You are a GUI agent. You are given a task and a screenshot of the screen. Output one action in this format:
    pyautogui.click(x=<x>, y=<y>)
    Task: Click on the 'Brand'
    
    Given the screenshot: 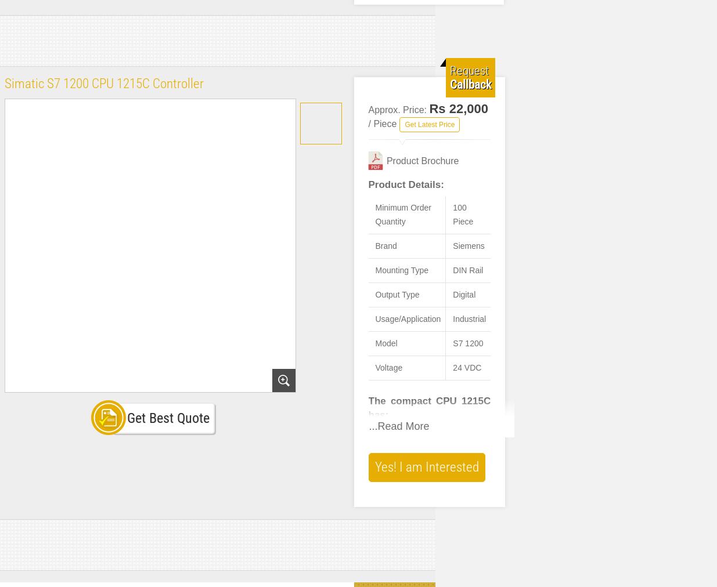 What is the action you would take?
    pyautogui.click(x=385, y=246)
    